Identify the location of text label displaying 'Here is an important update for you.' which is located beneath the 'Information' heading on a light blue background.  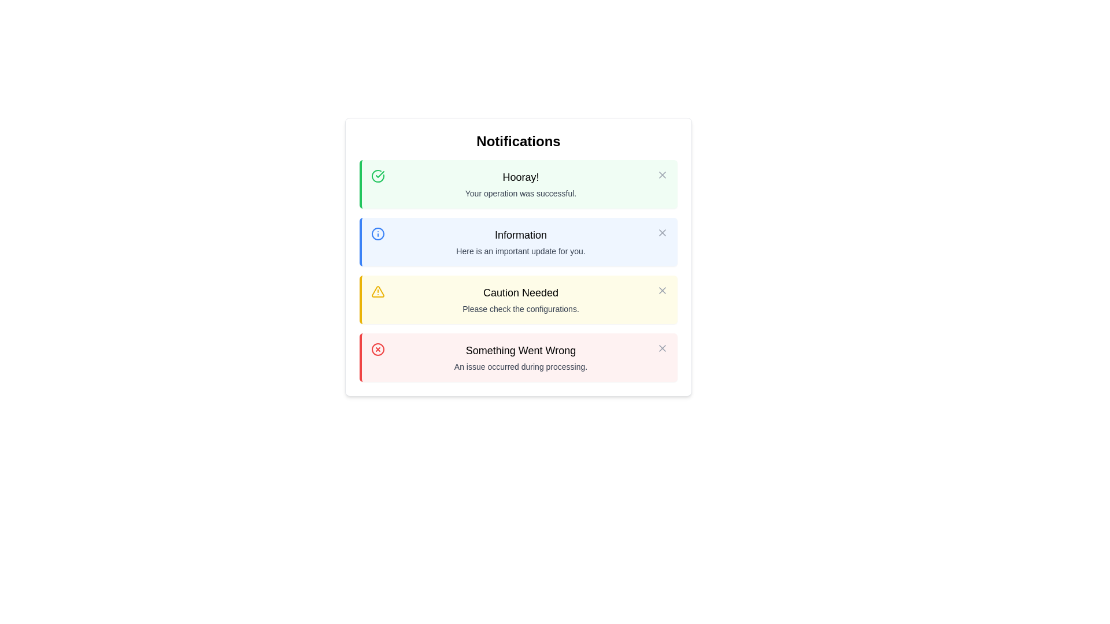
(520, 251).